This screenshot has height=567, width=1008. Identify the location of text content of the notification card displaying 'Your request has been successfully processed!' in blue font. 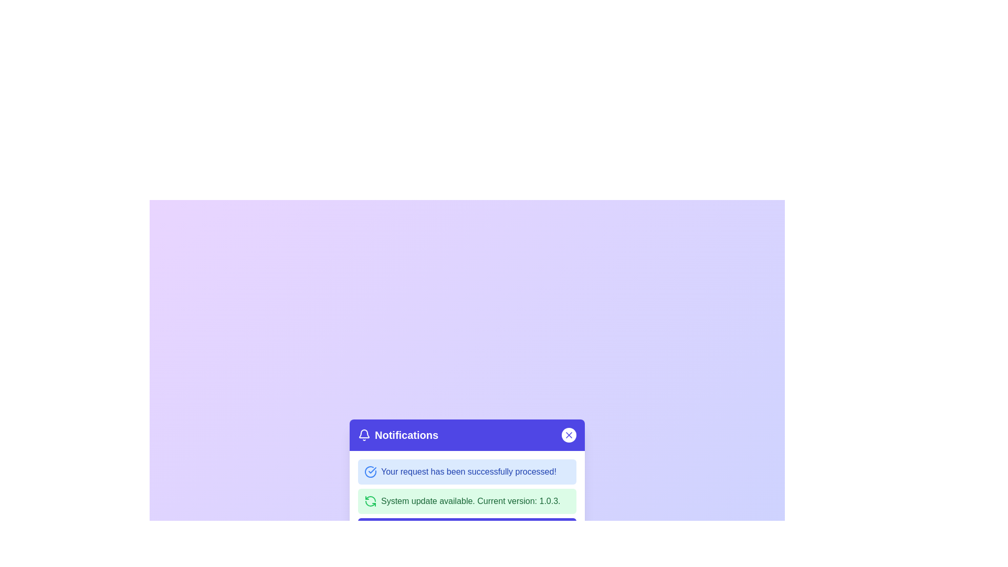
(468, 471).